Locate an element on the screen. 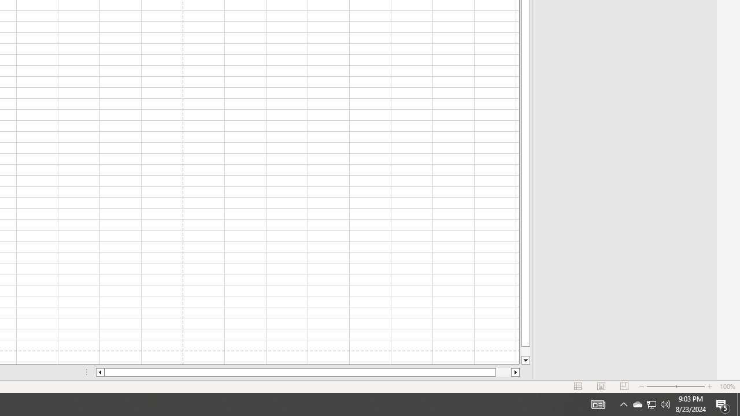 This screenshot has height=416, width=740. 'Page right' is located at coordinates (504, 372).